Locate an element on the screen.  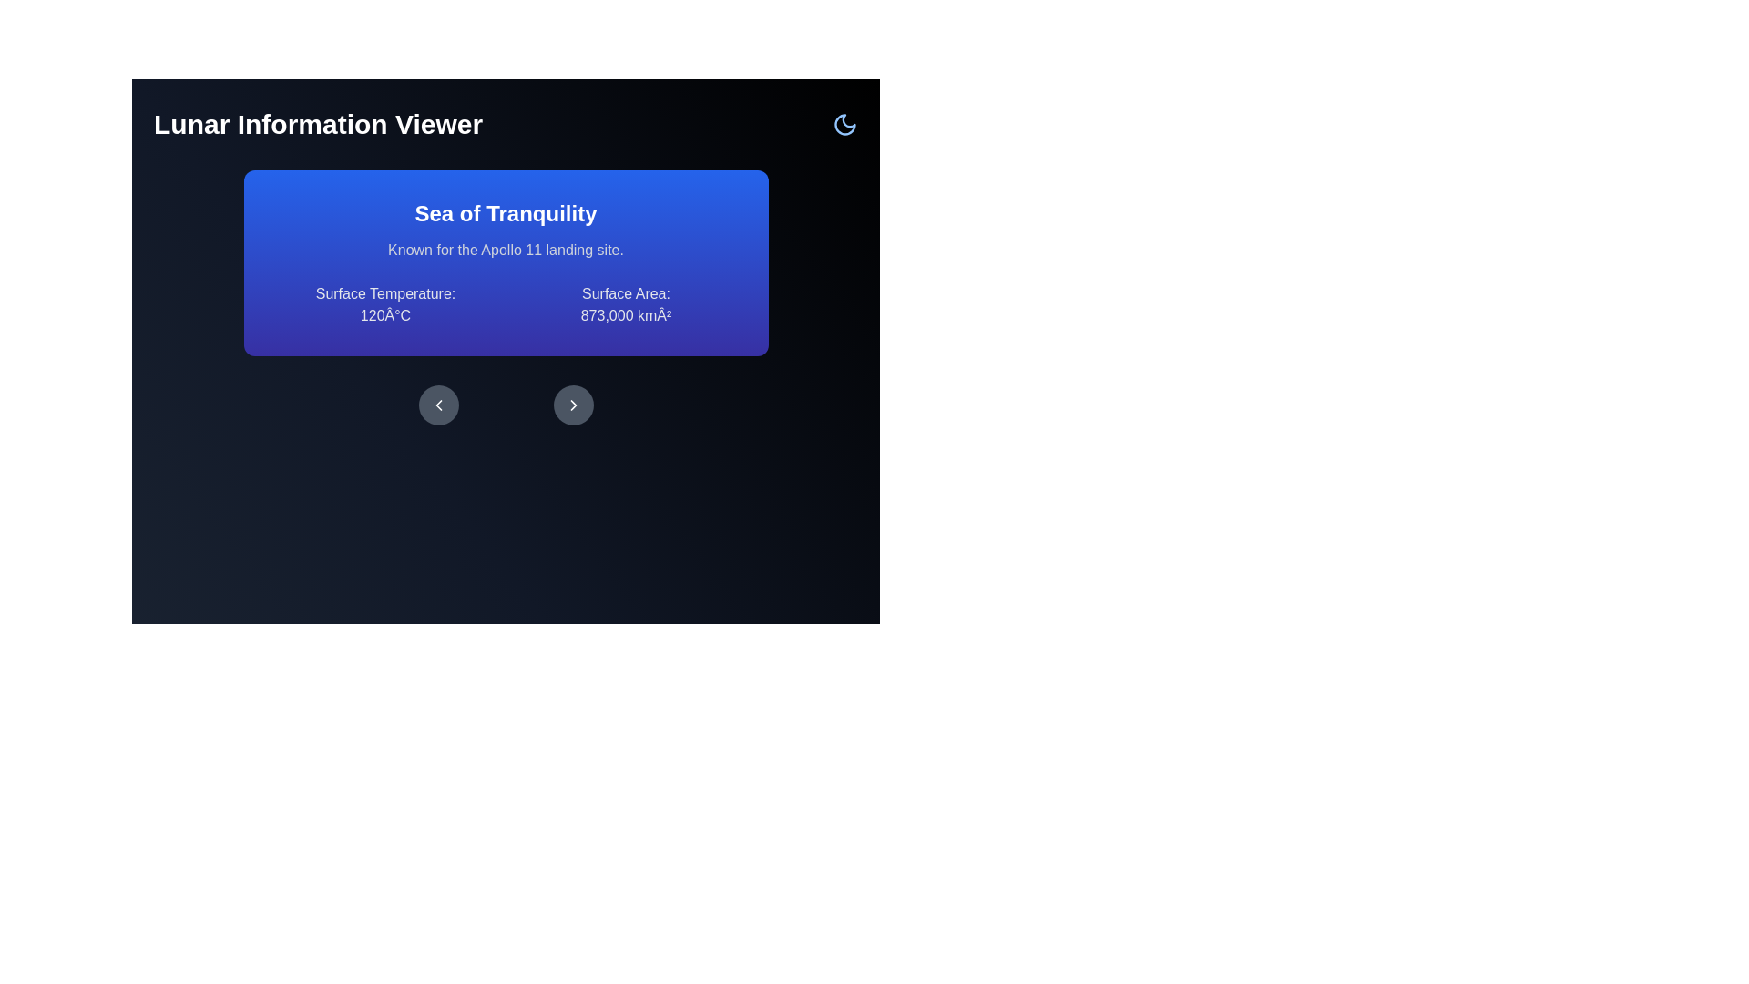
the text label displaying '120°C' in bold white color on a blue background, located below 'Surface Temperature:' in the blue information card is located at coordinates (384, 315).